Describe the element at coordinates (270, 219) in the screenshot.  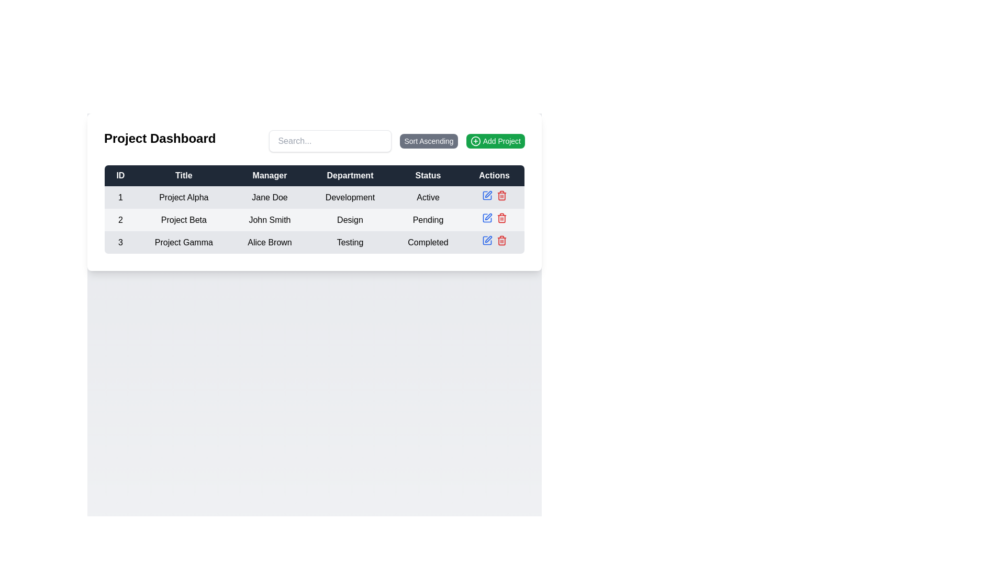
I see `the static text field displaying 'John Smith' in the 'Manager' column of the second row for 'Project Beta'` at that location.